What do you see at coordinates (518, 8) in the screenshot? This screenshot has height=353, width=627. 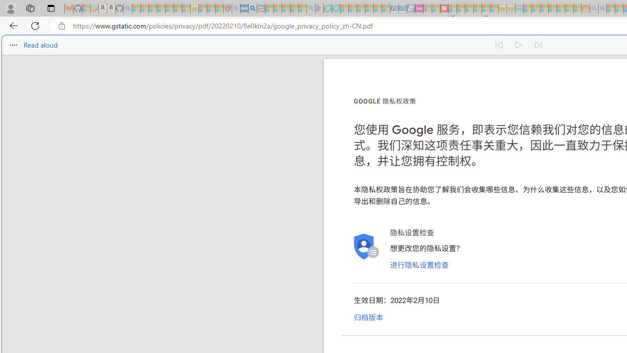 I see `'DITOGAMES AG Imprint - Sleeping'` at bounding box center [518, 8].